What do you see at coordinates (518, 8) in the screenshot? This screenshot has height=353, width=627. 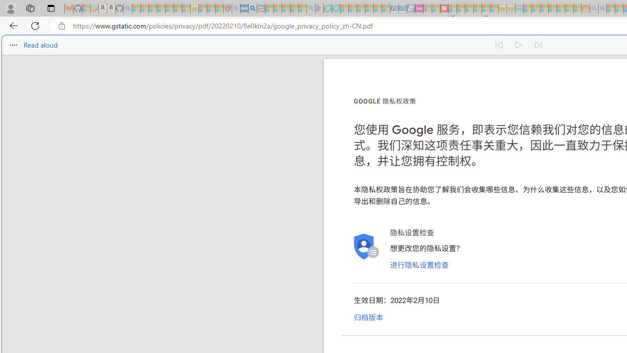 I see `'DITOGAMES AG Imprint - Sleeping'` at bounding box center [518, 8].